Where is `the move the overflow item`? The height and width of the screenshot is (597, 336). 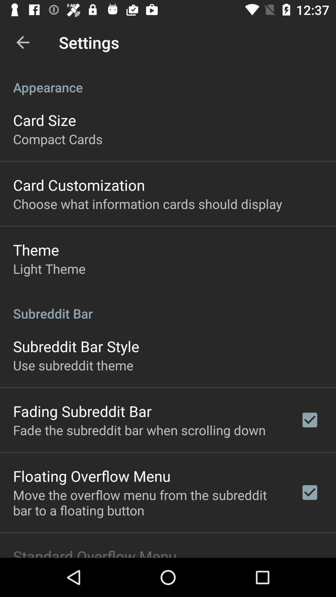 the move the overflow item is located at coordinates (148, 502).